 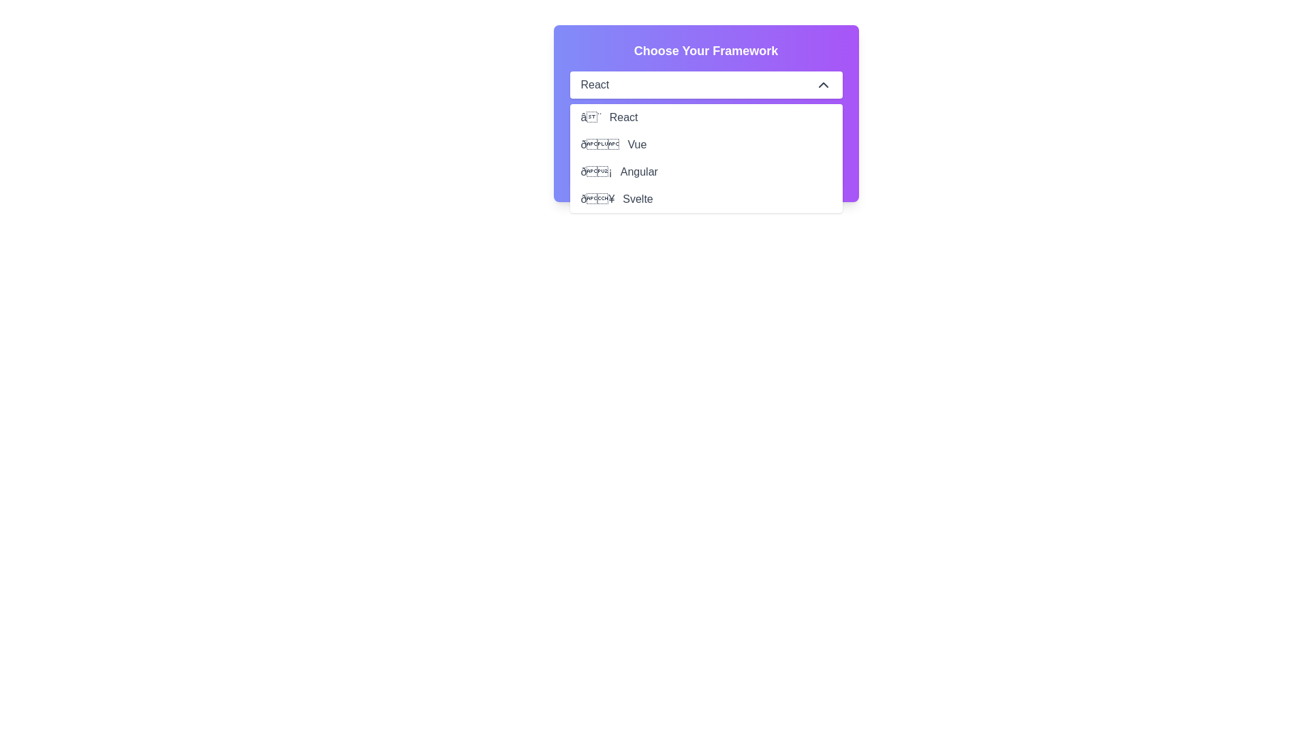 I want to click on the visual icon that accompanies the text label 'React' in the dropdown list to emphasize its selection, so click(x=591, y=117).